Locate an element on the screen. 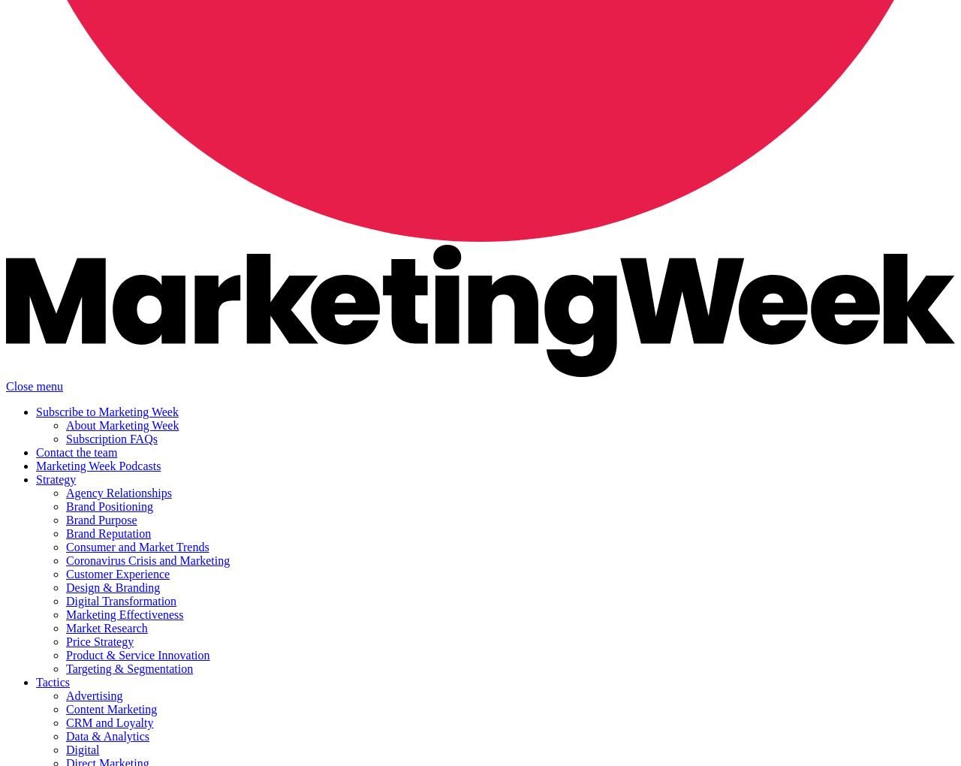 This screenshot has height=766, width=961. 'Digital' is located at coordinates (81, 749).